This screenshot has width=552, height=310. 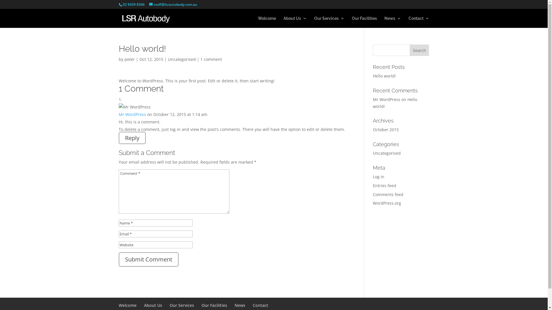 I want to click on 'Search', so click(x=419, y=50).